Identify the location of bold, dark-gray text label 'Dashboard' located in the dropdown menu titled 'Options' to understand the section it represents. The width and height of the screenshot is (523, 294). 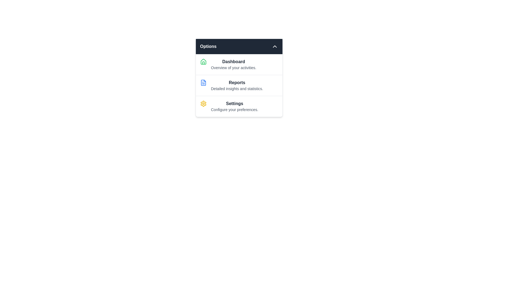
(233, 62).